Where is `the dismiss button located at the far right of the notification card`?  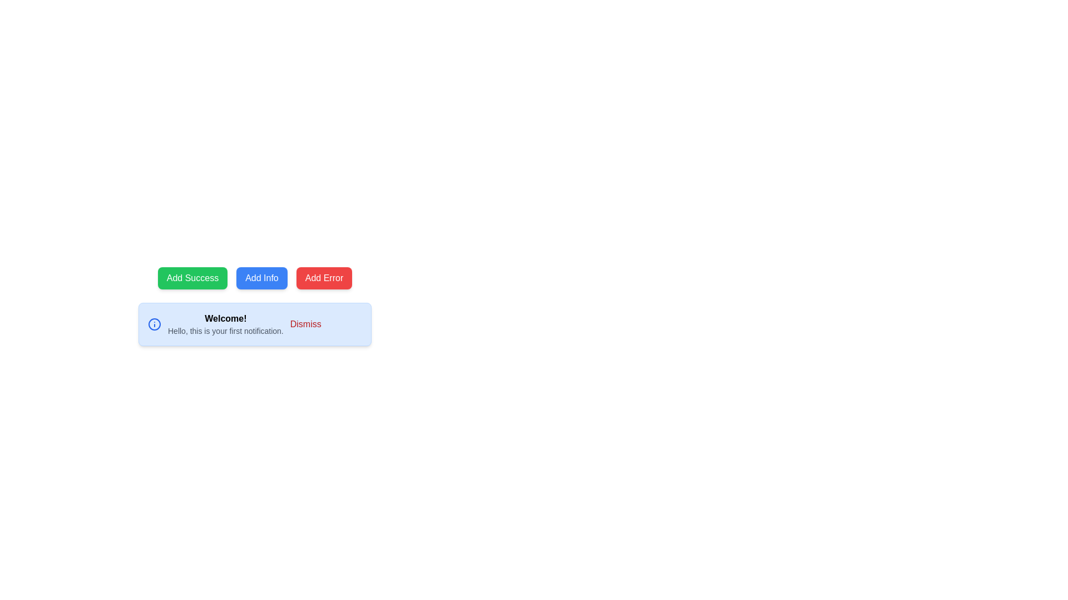 the dismiss button located at the far right of the notification card is located at coordinates (305, 324).